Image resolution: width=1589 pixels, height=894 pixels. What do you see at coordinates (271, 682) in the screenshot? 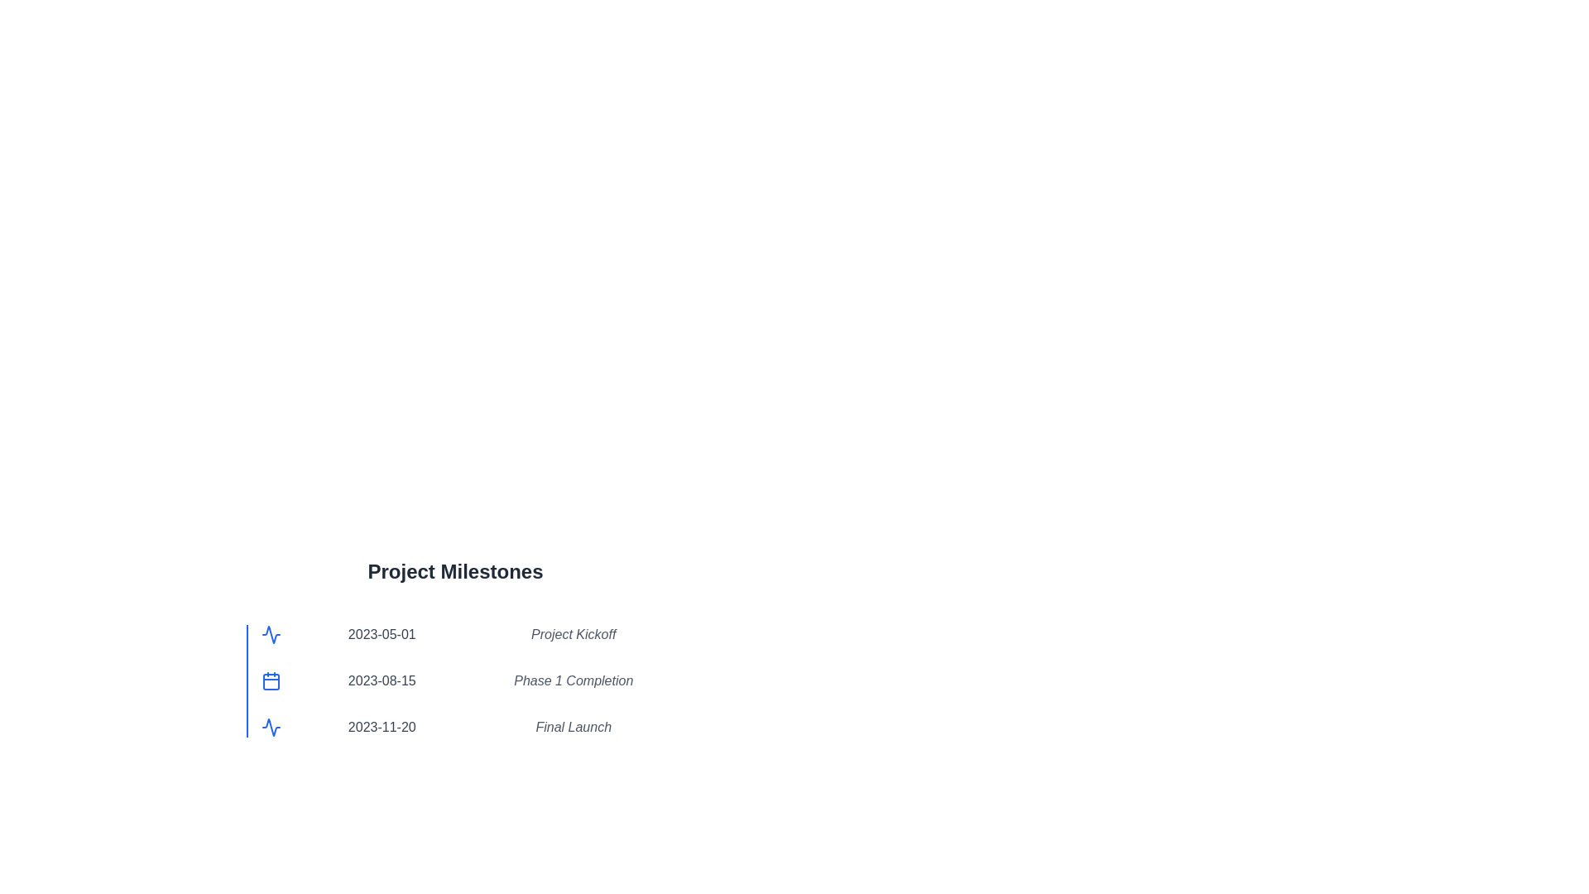
I see `the decorative SVG rectangle that represents the main body of the calendar icon, located in the middle-left of the timeline graphic within the second event of a vertical milestone sequence` at bounding box center [271, 682].